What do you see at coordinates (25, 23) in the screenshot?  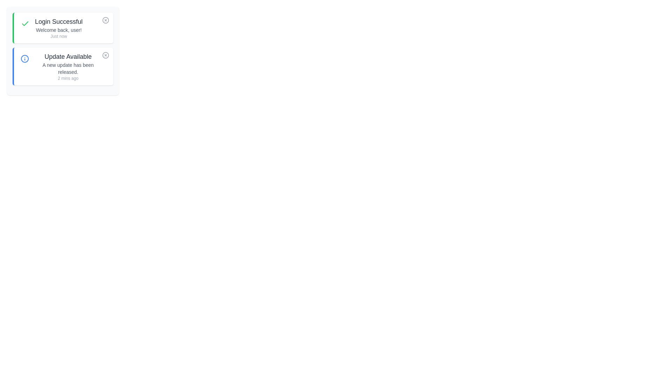 I see `the checkmark icon within the 'Login Successful' notification card, which indicates a successful login action` at bounding box center [25, 23].